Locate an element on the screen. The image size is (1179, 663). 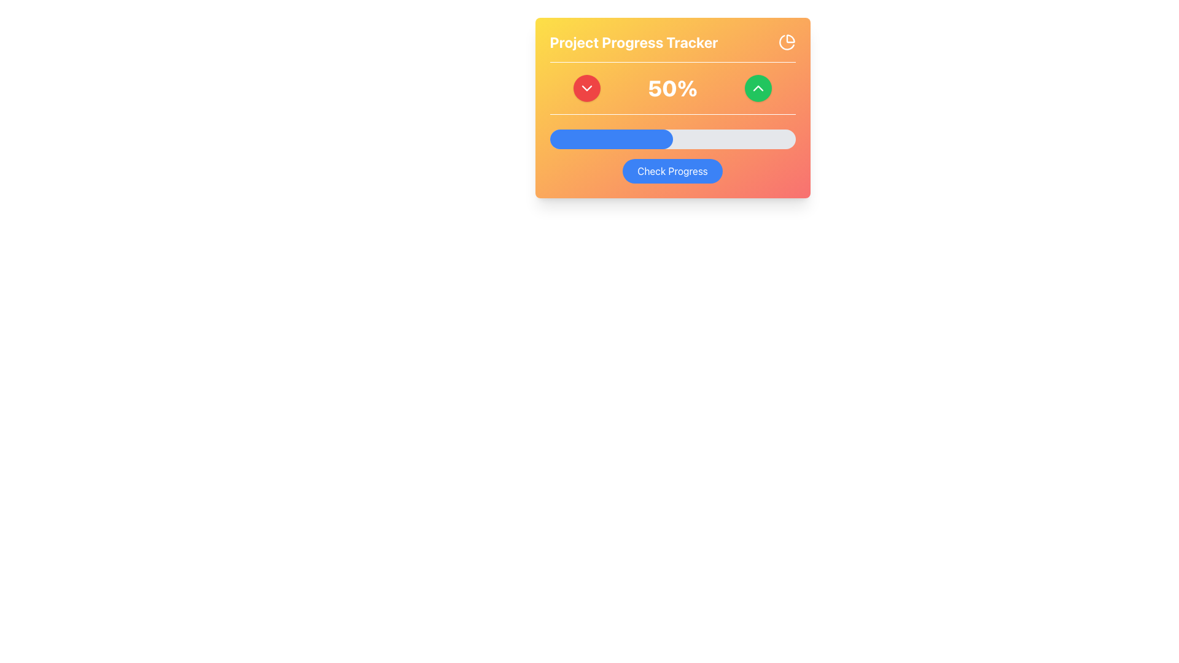
the small, stylized upward chevron icon within the green circular button located in the upper-right corner of the 'Project Progress Tracker' section is located at coordinates (758, 87).